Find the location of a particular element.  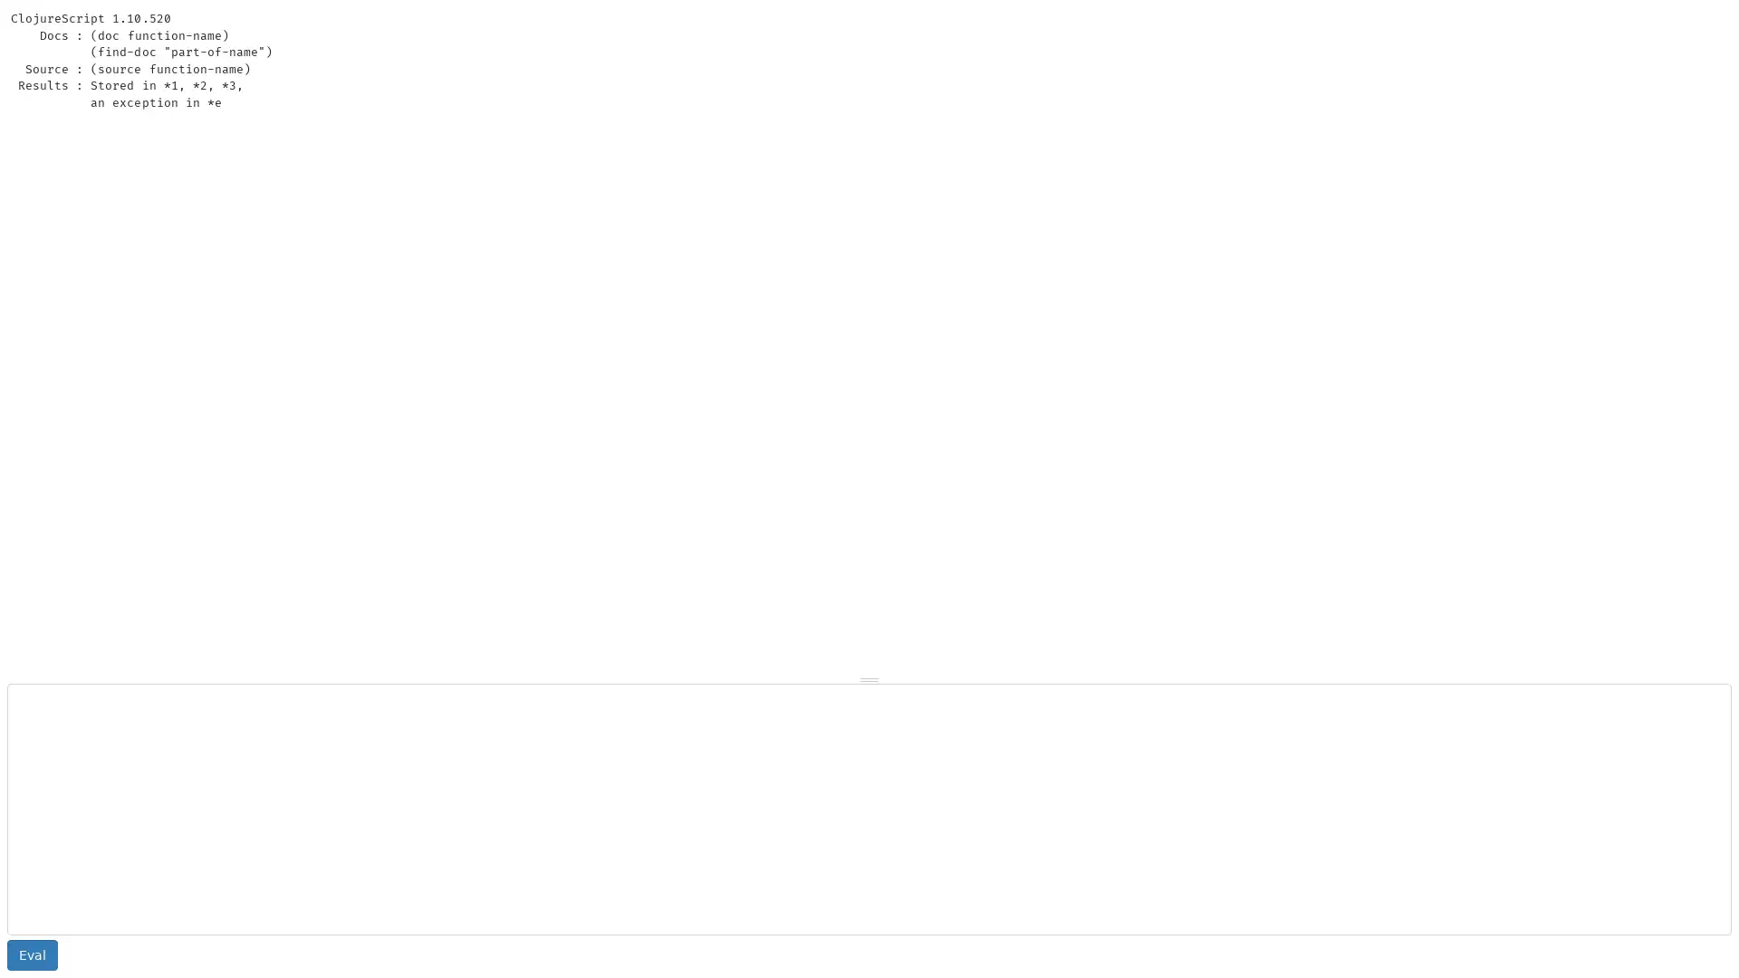

Eval is located at coordinates (32, 954).